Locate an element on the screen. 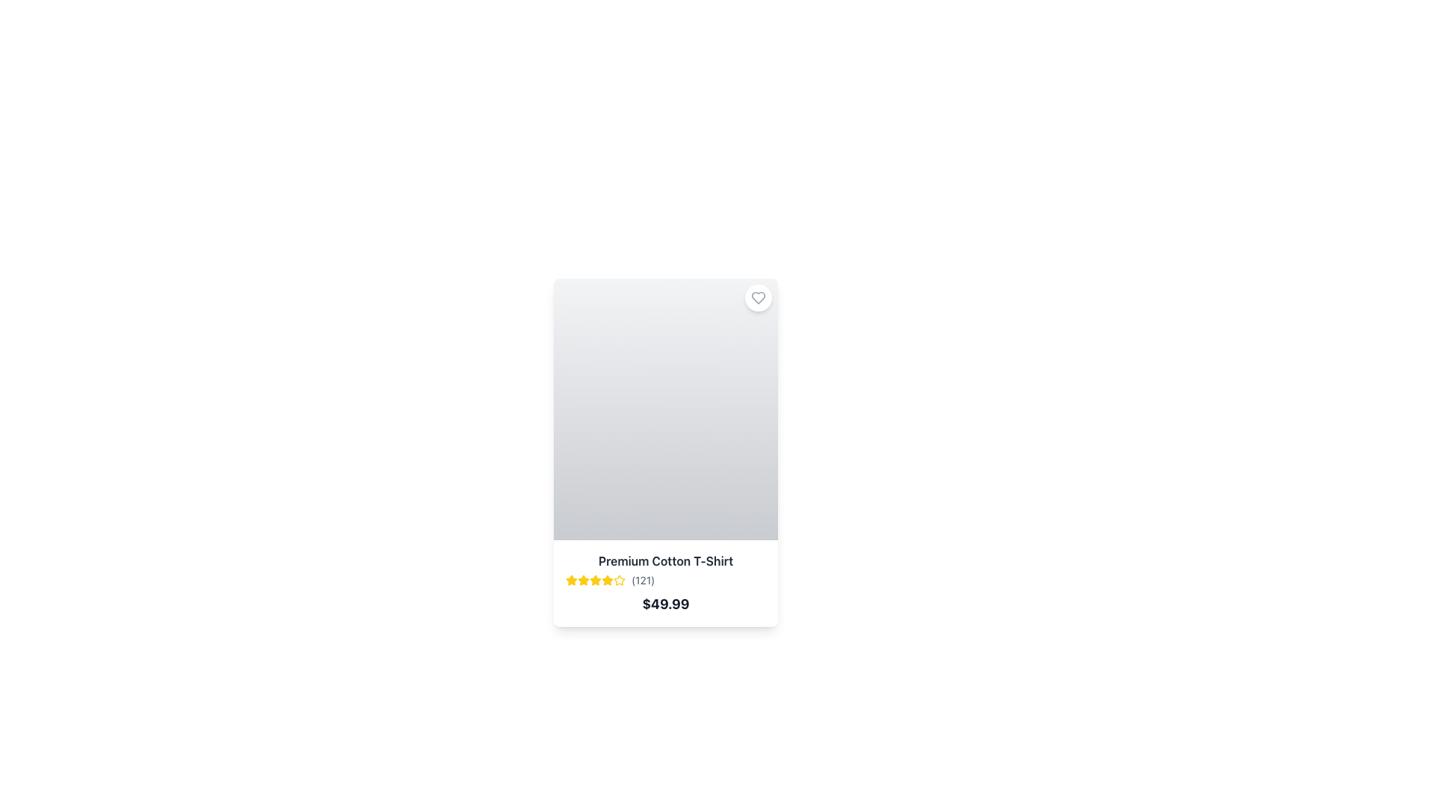 This screenshot has height=807, width=1435. the second star-shaped rating icon, which is yellow and part of a horizontal set of five stars located below the product title is located at coordinates (583, 579).